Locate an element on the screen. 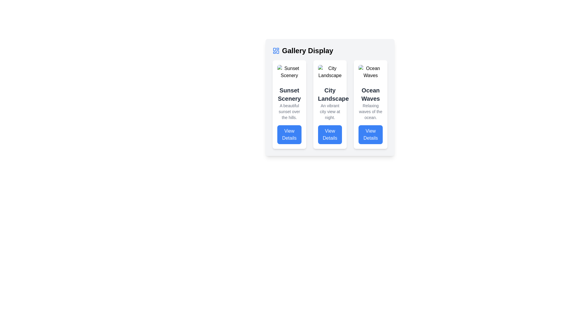 The height and width of the screenshot is (319, 567). the graphical icon section located in the top-left corner of the grid layout, adjacent to the 'Gallery Display' heading is located at coordinates (274, 49).